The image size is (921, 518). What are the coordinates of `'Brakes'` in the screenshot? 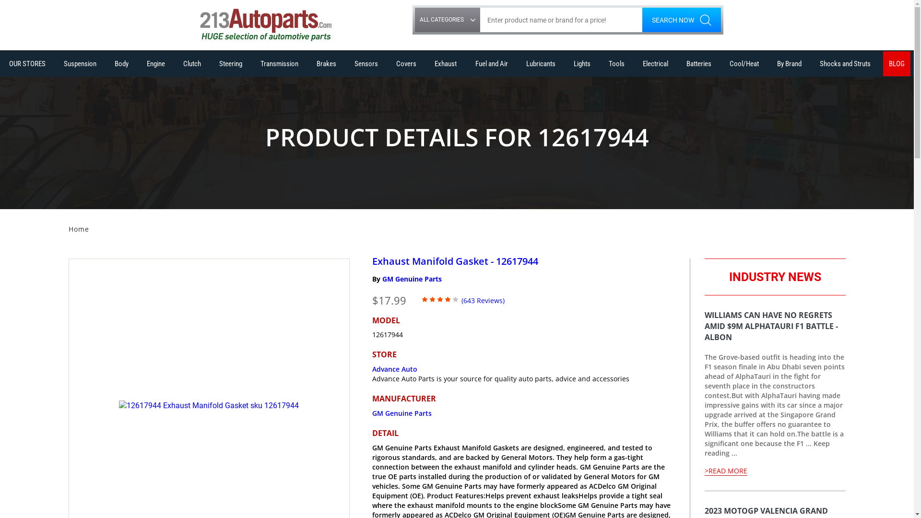 It's located at (326, 63).